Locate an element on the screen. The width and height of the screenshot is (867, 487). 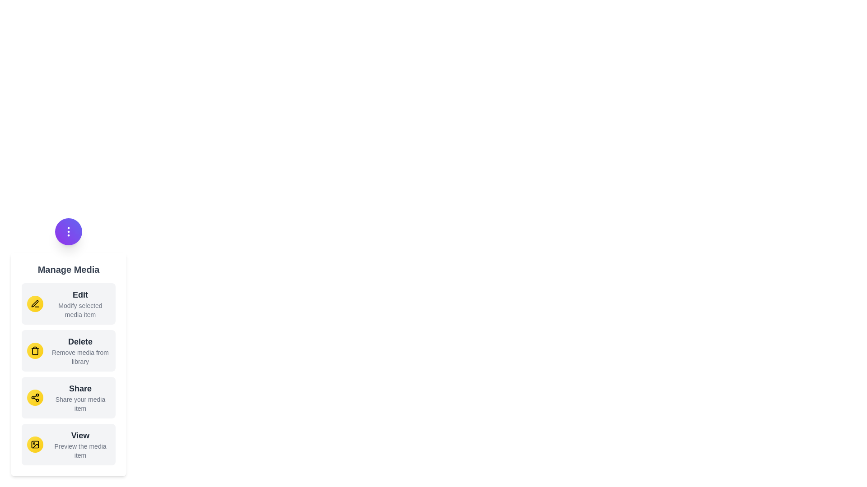
the purple button to toggle the action menu is located at coordinates (68, 231).